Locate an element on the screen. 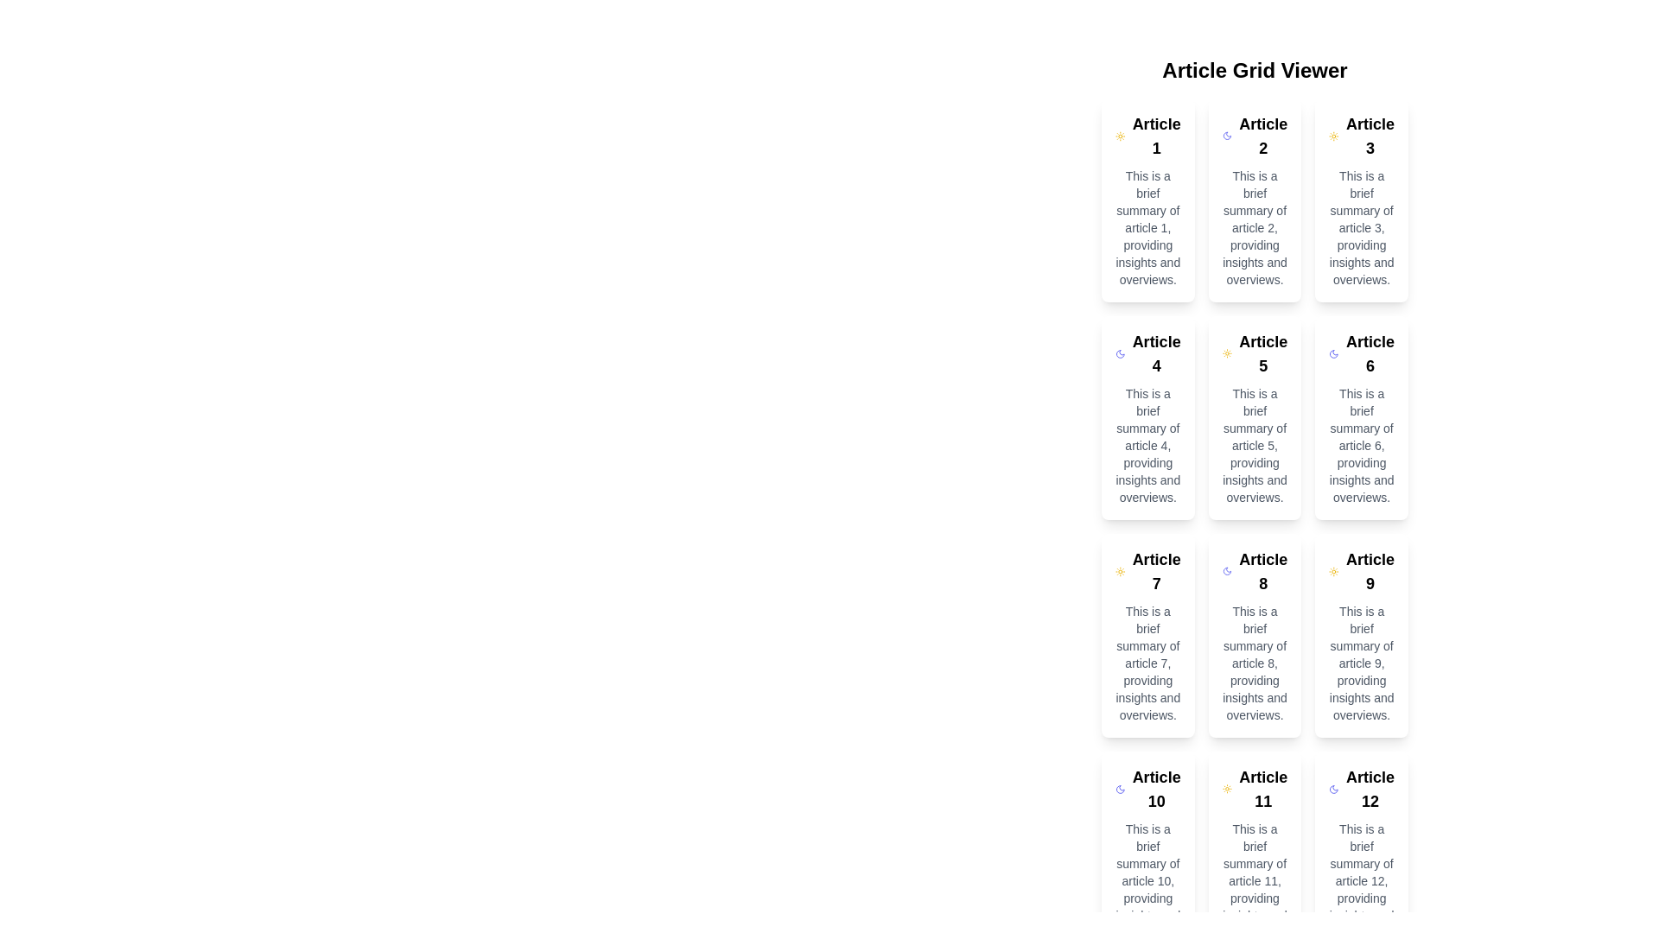 This screenshot has height=933, width=1659. the text label displaying 'This is a brief summary of article 5, providing insights and overviews', which is styled with a smaller, gray font and located in the card for 'Article 5' is located at coordinates (1255, 445).